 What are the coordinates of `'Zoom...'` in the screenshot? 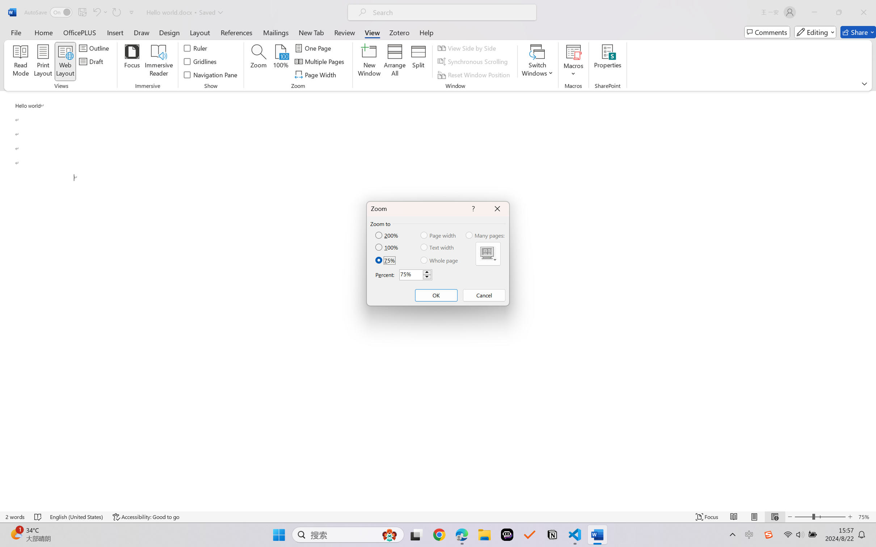 It's located at (258, 62).